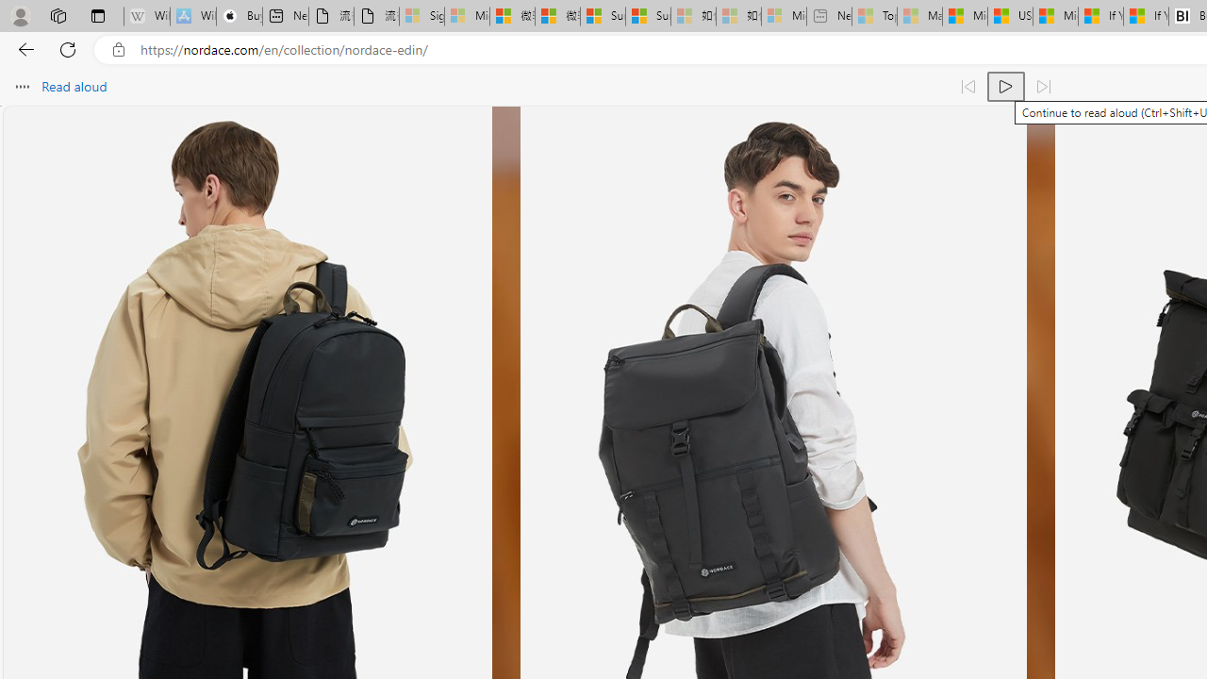  What do you see at coordinates (58, 15) in the screenshot?
I see `'Workspaces'` at bounding box center [58, 15].